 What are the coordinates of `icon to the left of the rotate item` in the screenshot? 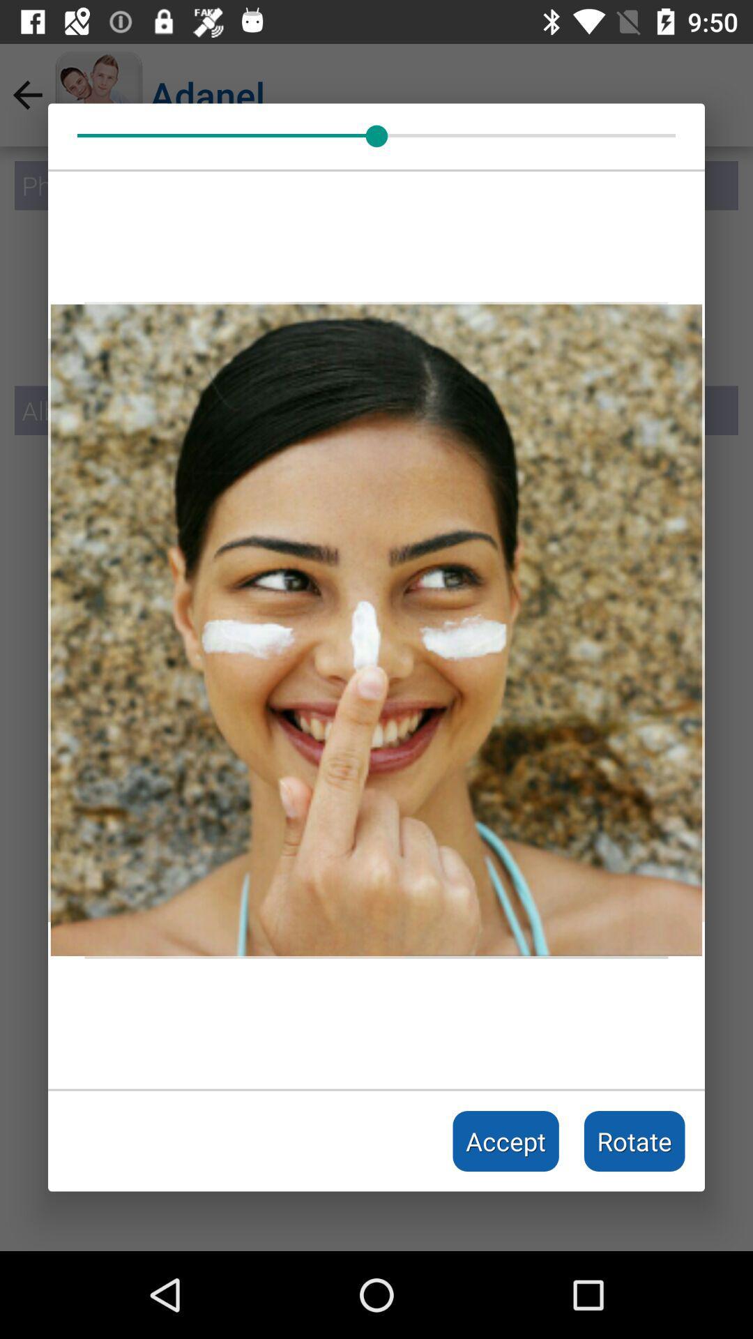 It's located at (505, 1141).